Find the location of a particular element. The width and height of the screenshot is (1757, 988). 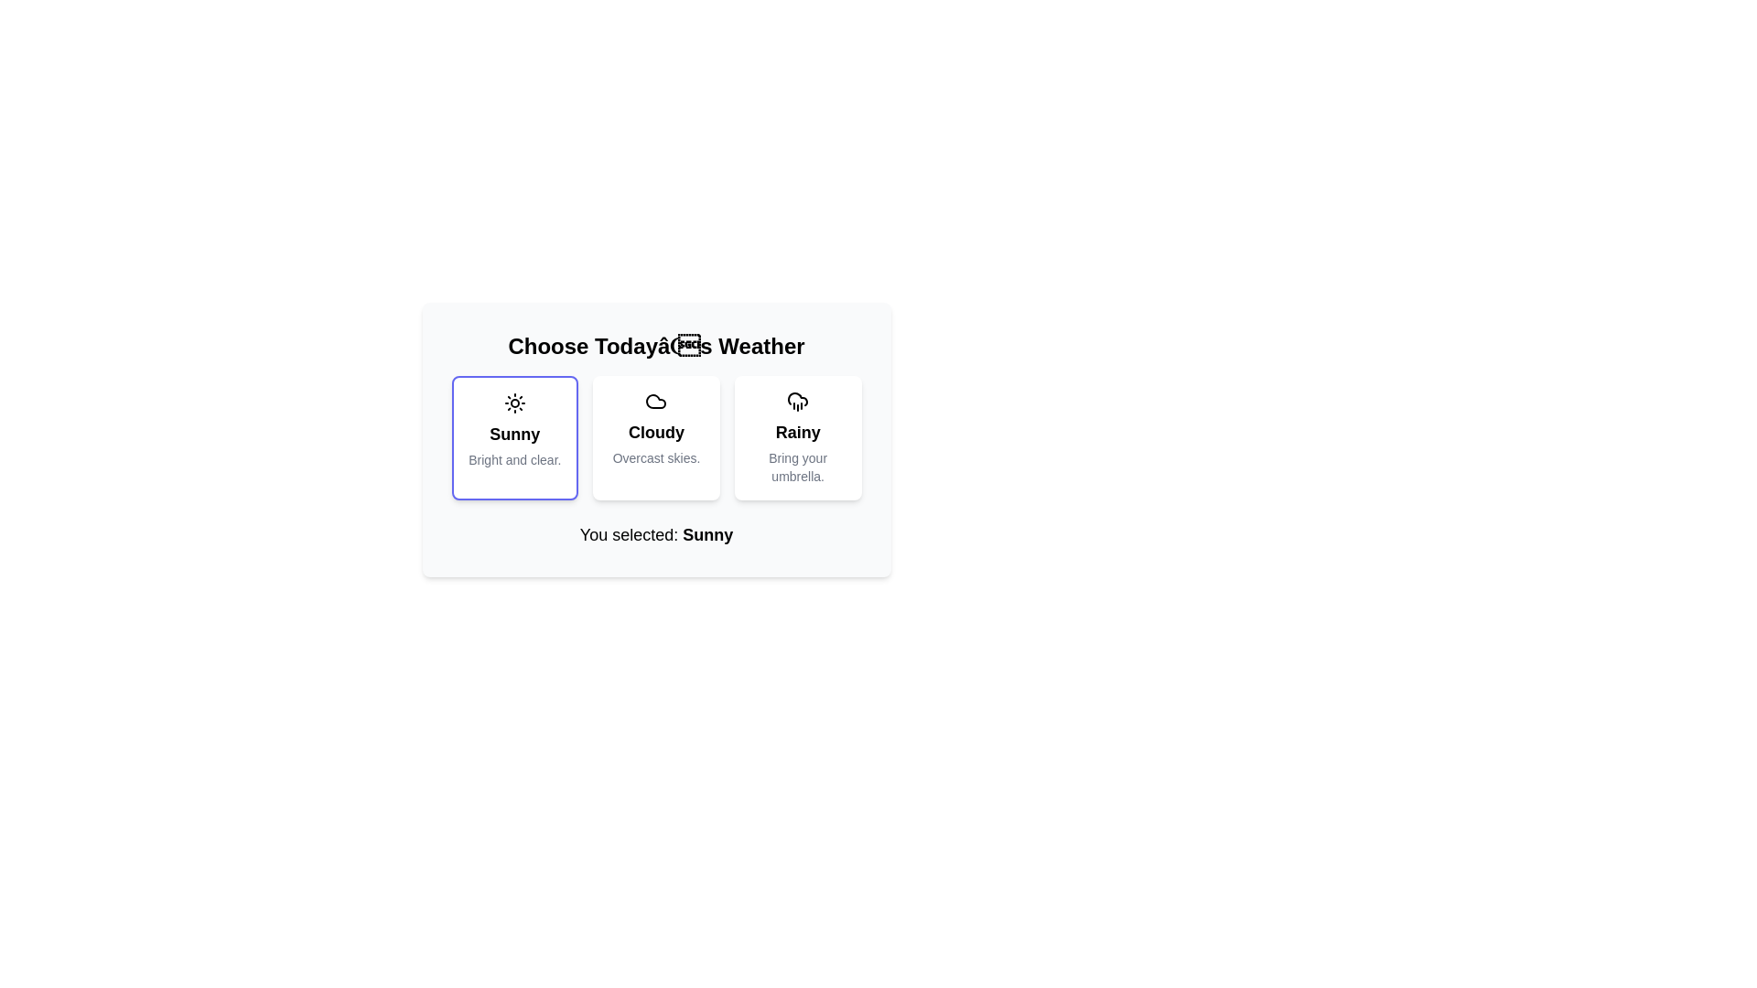

the informational display label that shows the user-selected choice 'Sunny', located to the right of the text group 'You selected: Sunny' is located at coordinates (706, 535).